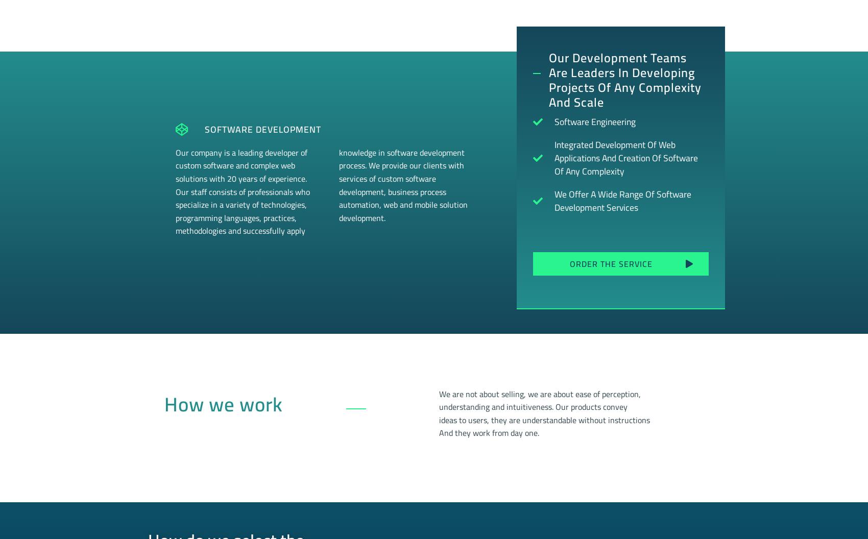 The image size is (868, 539). What do you see at coordinates (610, 262) in the screenshot?
I see `'Order the service'` at bounding box center [610, 262].